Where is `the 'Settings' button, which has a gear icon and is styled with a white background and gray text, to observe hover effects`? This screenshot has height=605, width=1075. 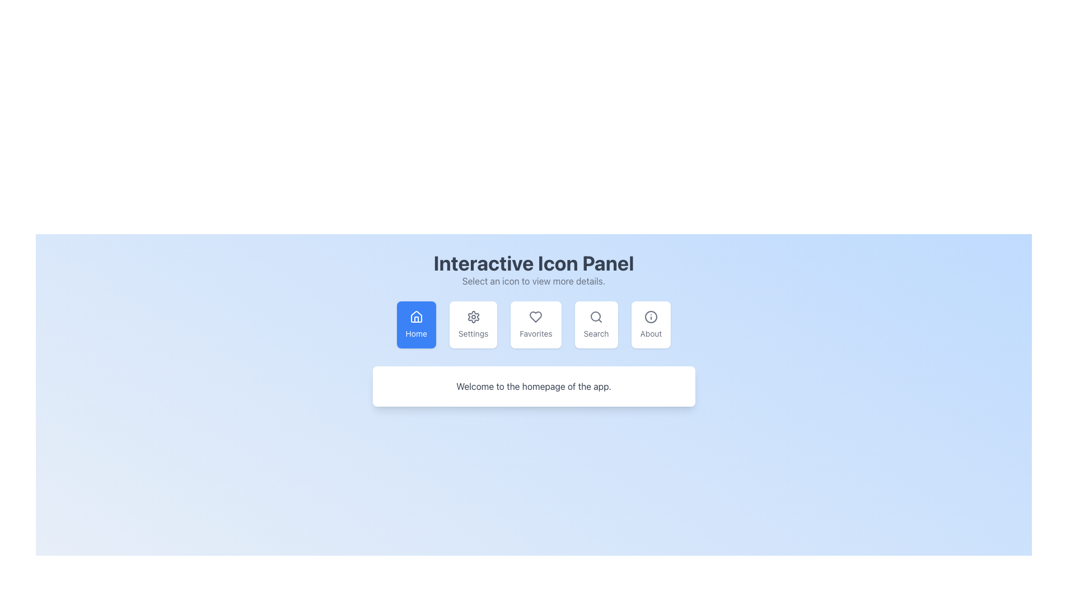
the 'Settings' button, which has a gear icon and is styled with a white background and gray text, to observe hover effects is located at coordinates (473, 324).